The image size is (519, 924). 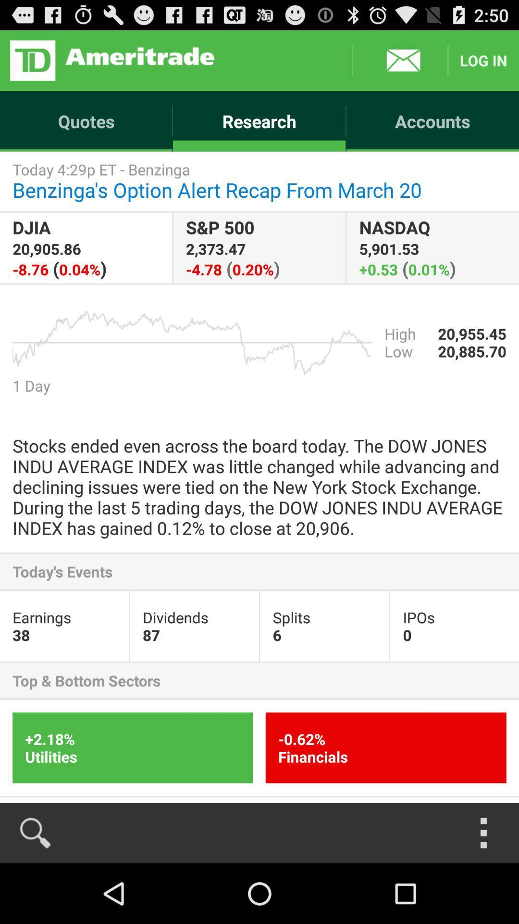 What do you see at coordinates (259, 121) in the screenshot?
I see `the item next to the quotes` at bounding box center [259, 121].